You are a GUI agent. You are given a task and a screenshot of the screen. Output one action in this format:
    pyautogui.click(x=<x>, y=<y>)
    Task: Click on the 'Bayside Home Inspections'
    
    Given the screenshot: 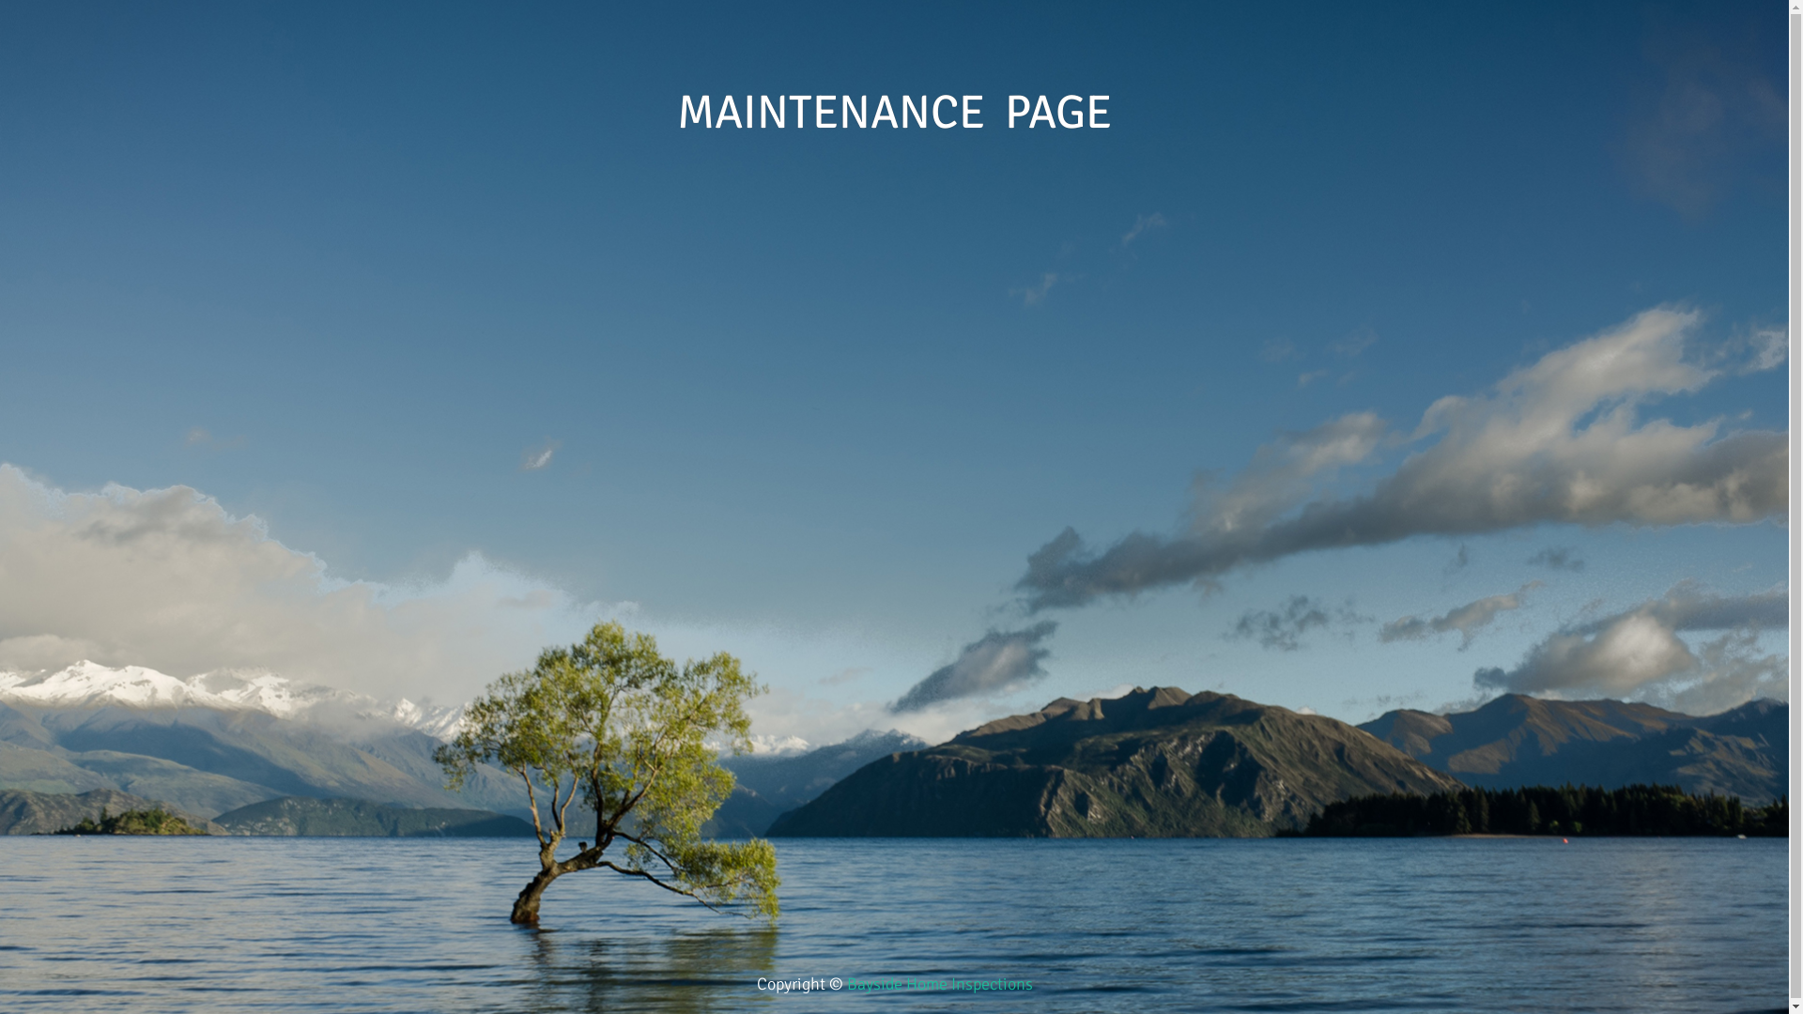 What is the action you would take?
    pyautogui.click(x=940, y=983)
    